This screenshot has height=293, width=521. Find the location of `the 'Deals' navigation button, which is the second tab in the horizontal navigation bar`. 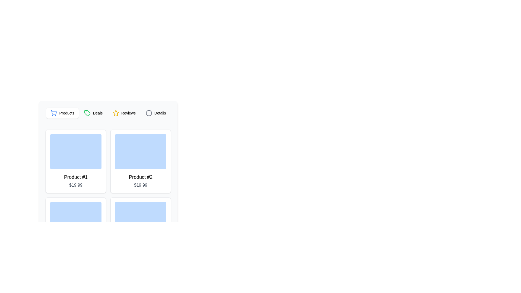

the 'Deals' navigation button, which is the second tab in the horizontal navigation bar is located at coordinates (93, 113).